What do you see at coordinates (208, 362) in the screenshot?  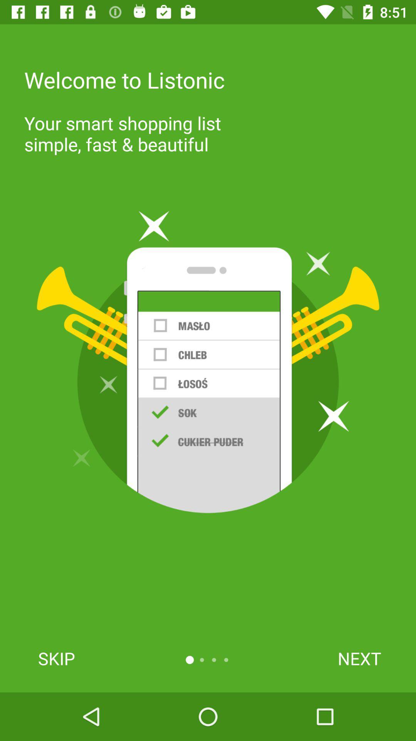 I see `the item at the center` at bounding box center [208, 362].